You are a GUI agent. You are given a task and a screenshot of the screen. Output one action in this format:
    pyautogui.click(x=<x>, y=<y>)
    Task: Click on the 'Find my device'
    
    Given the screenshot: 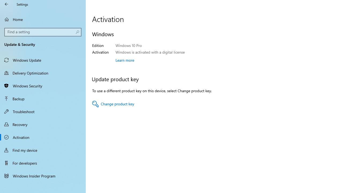 What is the action you would take?
    pyautogui.click(x=43, y=150)
    